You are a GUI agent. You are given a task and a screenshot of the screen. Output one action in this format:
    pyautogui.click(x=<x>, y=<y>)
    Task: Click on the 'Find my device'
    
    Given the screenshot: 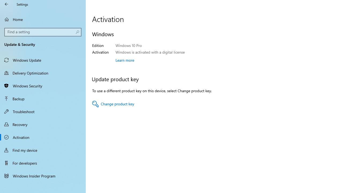 What is the action you would take?
    pyautogui.click(x=43, y=150)
    